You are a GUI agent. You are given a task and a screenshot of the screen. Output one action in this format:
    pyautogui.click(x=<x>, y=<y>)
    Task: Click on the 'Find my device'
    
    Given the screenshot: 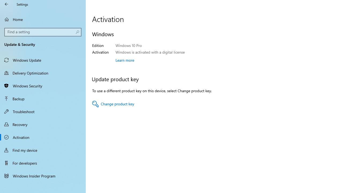 What is the action you would take?
    pyautogui.click(x=43, y=150)
    